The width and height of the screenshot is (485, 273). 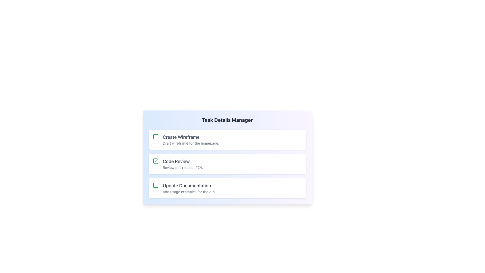 I want to click on the text label displaying 'Create Wireframe', which is the title of the topmost task item in a vertically stacked list, so click(x=191, y=137).